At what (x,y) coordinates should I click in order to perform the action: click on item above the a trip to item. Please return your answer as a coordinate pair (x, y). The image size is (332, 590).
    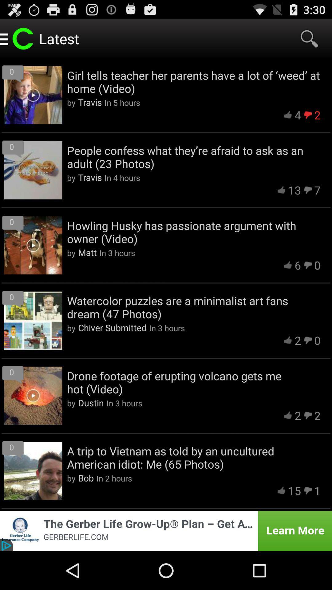
    Looking at the image, I should click on (91, 403).